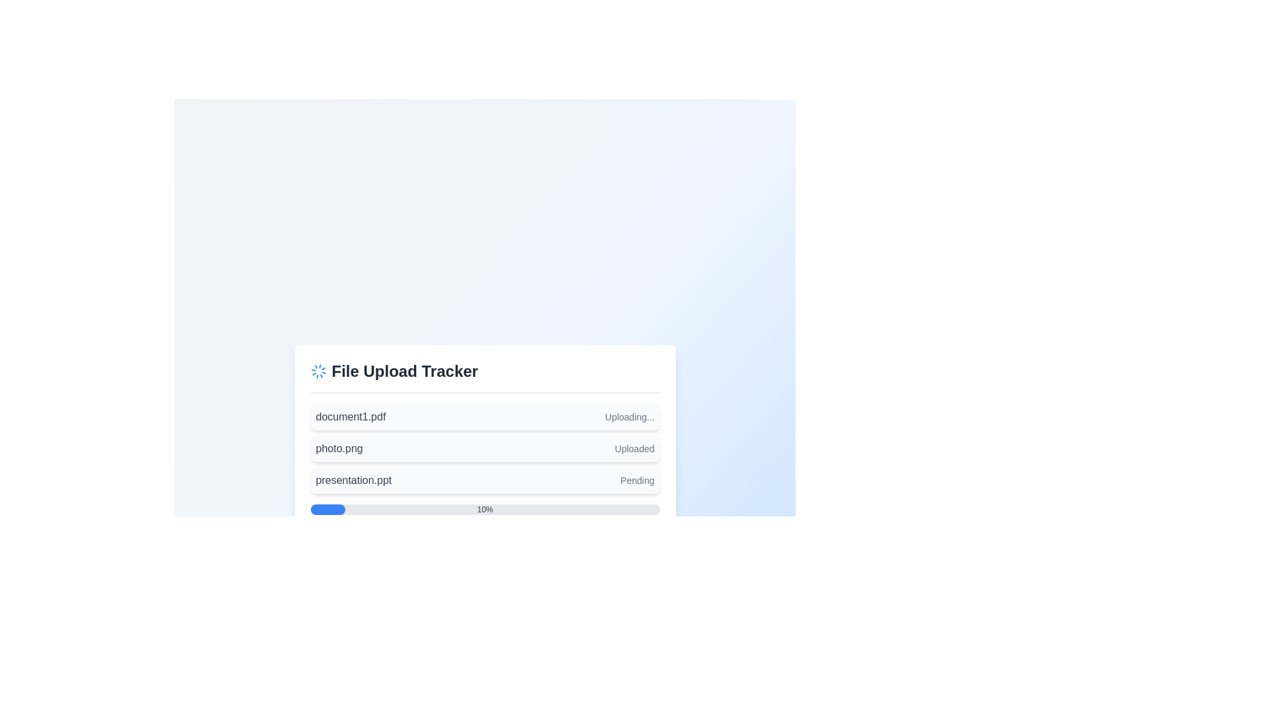  I want to click on status of the label indicating the pending status of the file upload for 'presentation.ppt', located at the far-right of its row, so click(637, 480).